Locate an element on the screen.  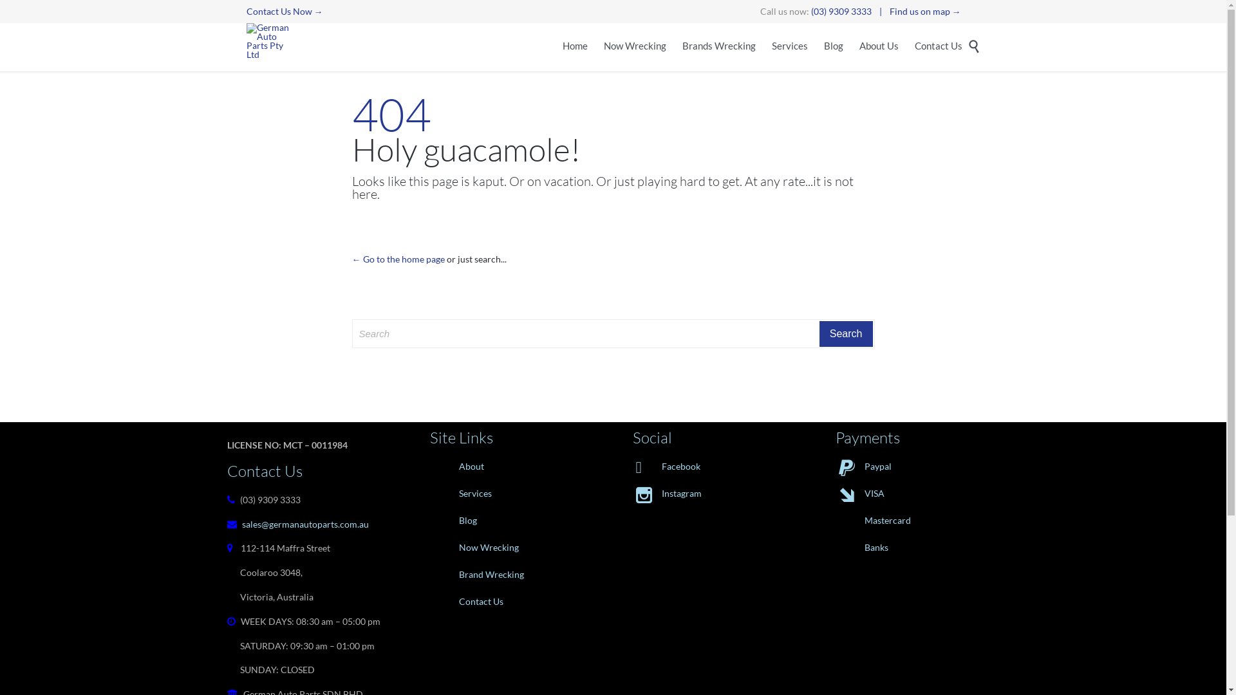
'About' is located at coordinates (510, 467).